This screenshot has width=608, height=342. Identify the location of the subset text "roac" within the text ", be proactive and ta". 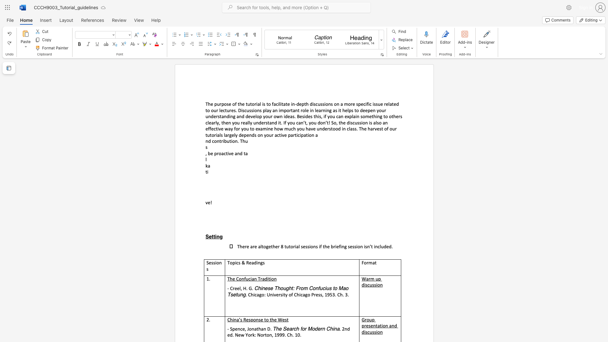
(217, 153).